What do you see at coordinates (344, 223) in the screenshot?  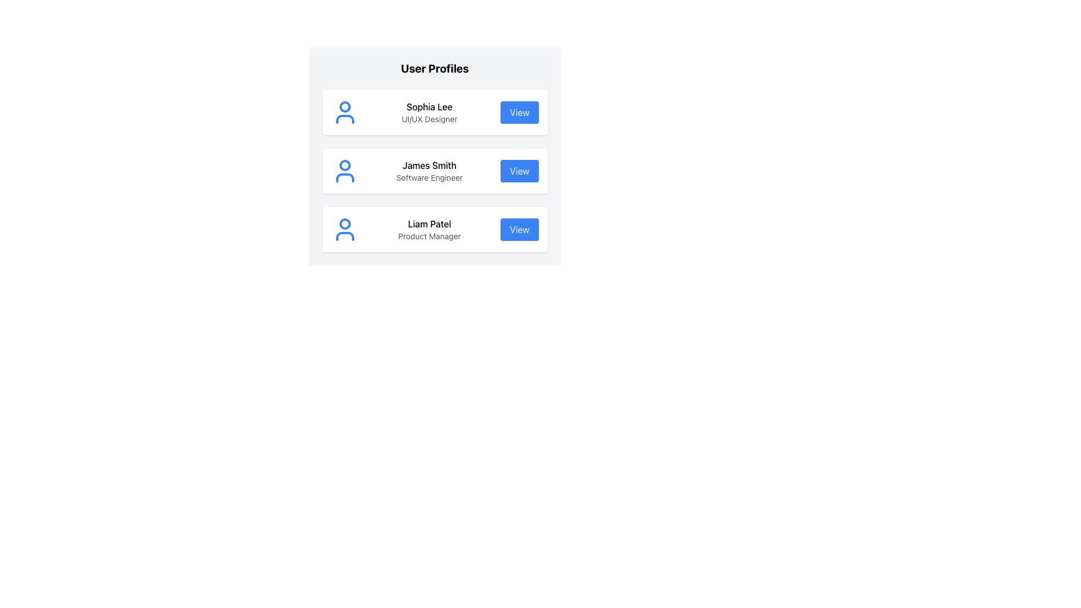 I see `the circular graphic component with a blue outline representing the user profile icon of 'Liam Patel'` at bounding box center [344, 223].